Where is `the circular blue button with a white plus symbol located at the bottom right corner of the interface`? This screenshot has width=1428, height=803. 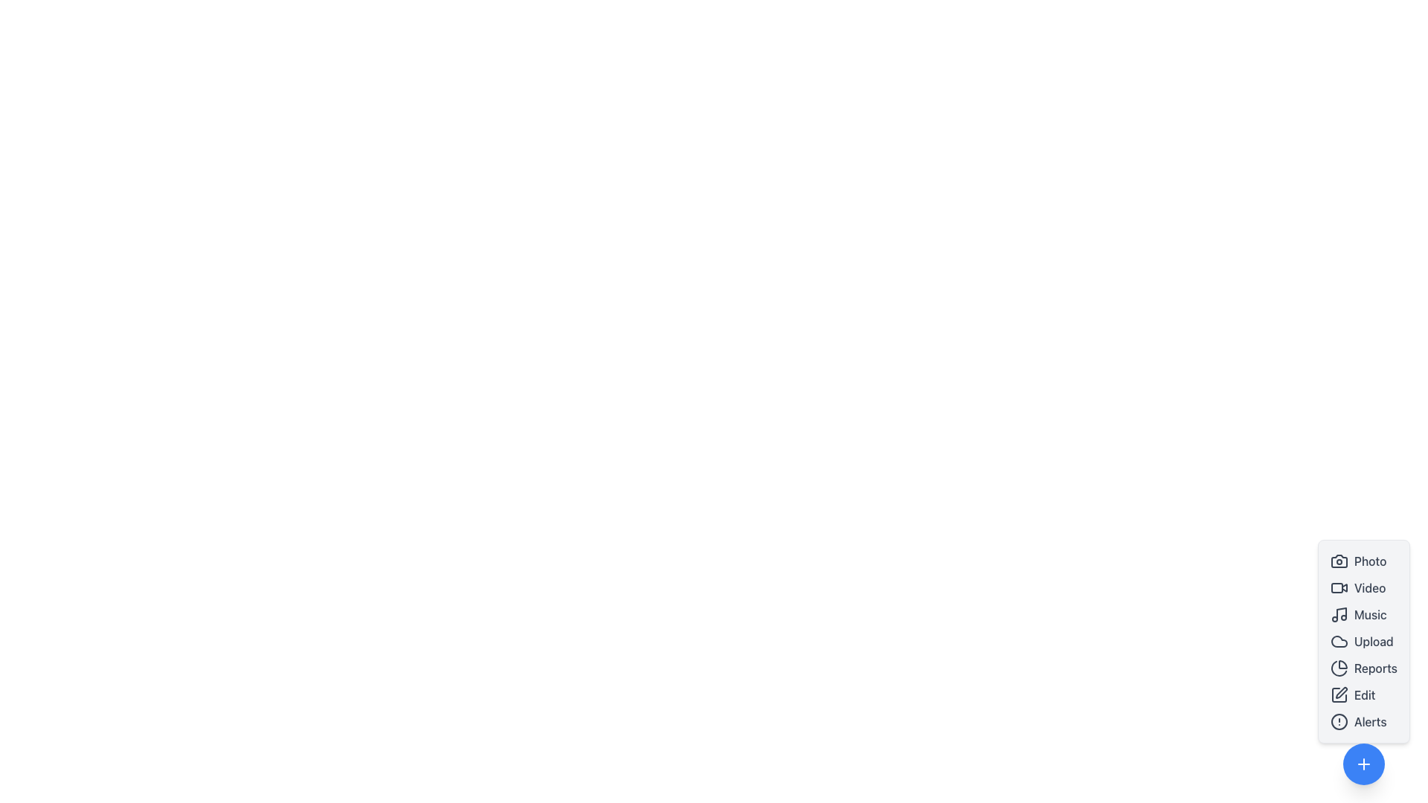 the circular blue button with a white plus symbol located at the bottom right corner of the interface is located at coordinates (1363, 764).